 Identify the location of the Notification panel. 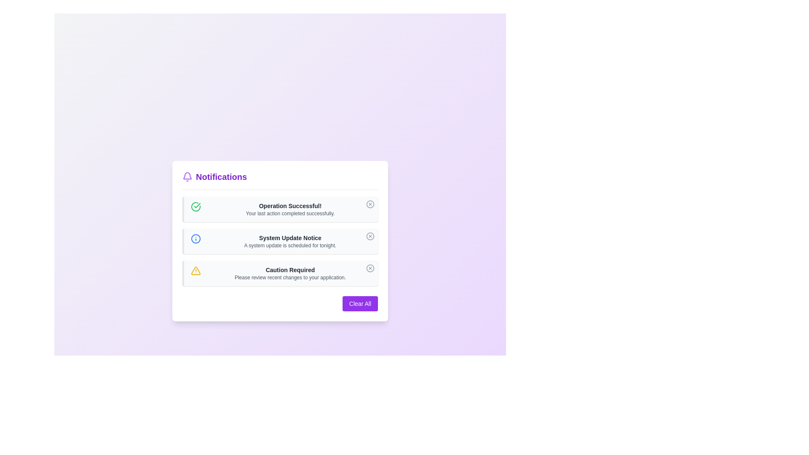
(280, 241).